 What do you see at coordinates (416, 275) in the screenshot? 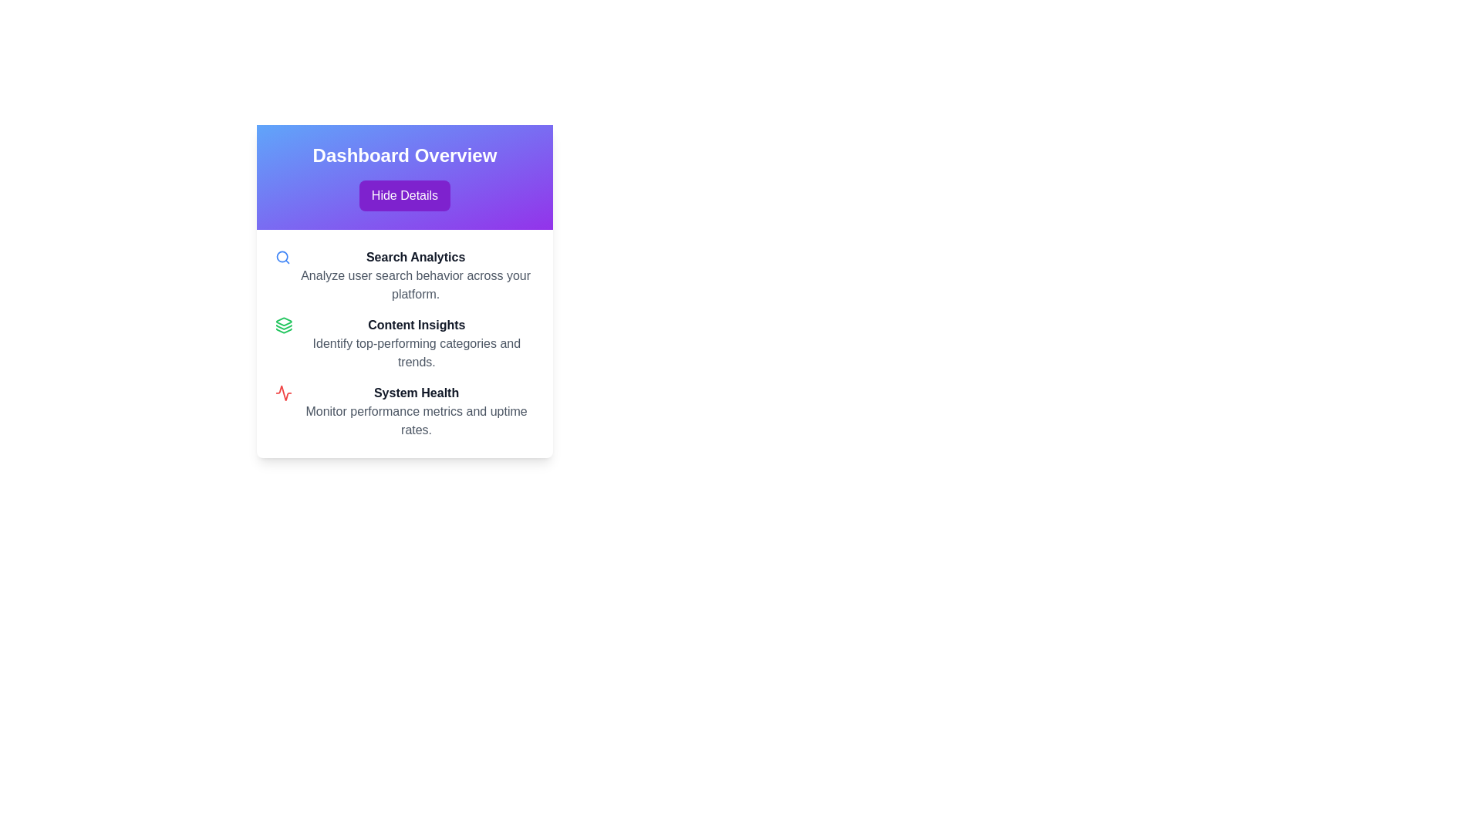
I see `the 'Search Analytics' text element, which contains a bold title and a description, located in the upper portion of the vertical list under 'Dashboard Overview'` at bounding box center [416, 275].